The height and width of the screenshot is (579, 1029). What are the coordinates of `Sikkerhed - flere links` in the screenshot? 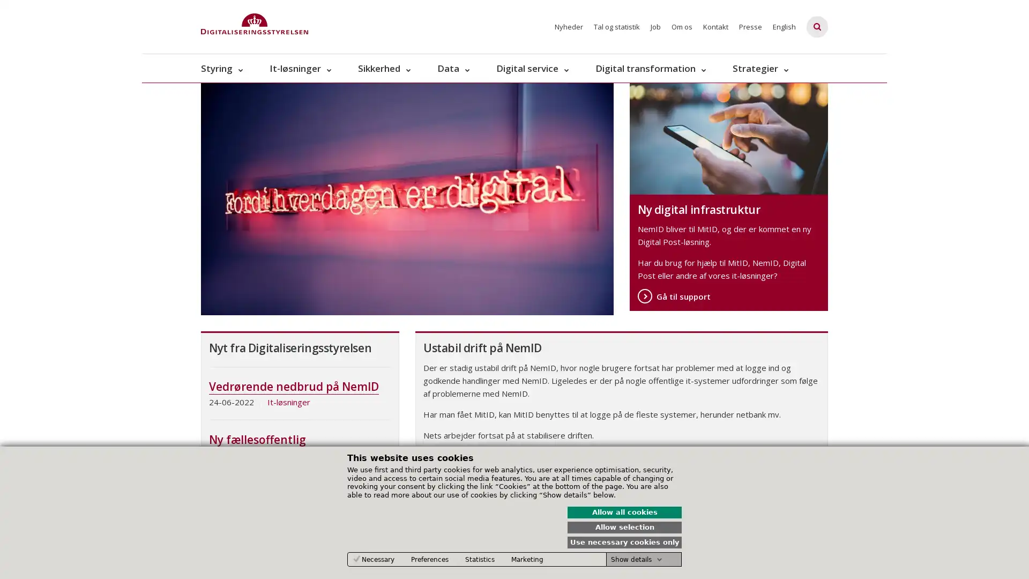 It's located at (407, 69).